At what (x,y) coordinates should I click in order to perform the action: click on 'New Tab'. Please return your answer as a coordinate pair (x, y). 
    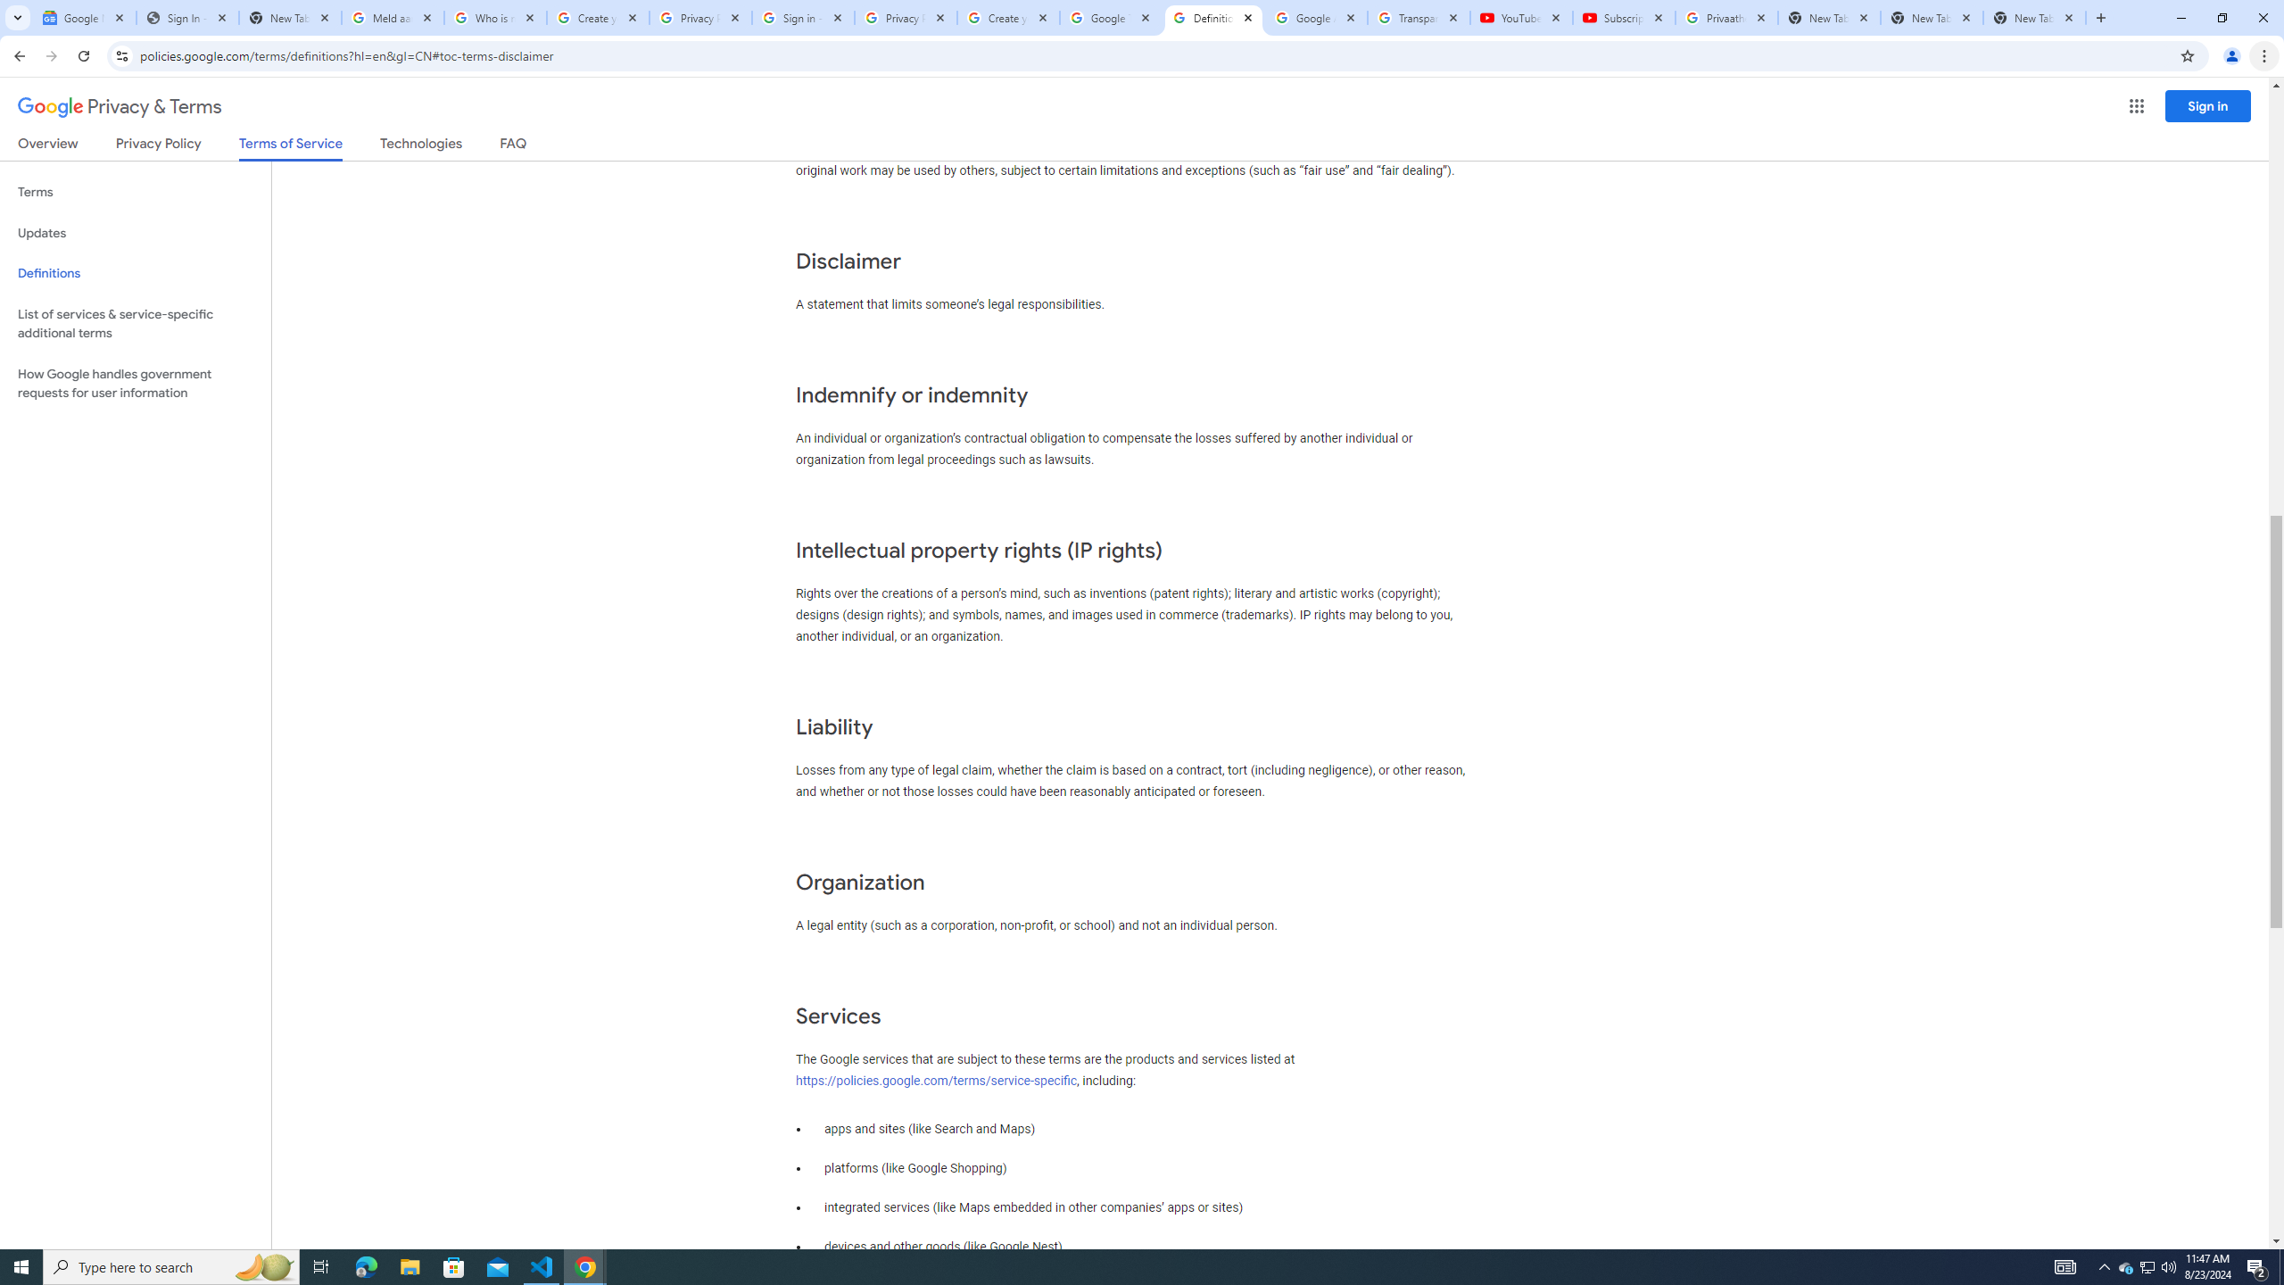
    Looking at the image, I should click on (2033, 17).